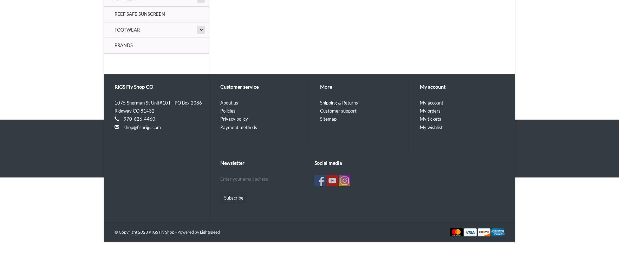  What do you see at coordinates (114, 29) in the screenshot?
I see `'Footwear'` at bounding box center [114, 29].